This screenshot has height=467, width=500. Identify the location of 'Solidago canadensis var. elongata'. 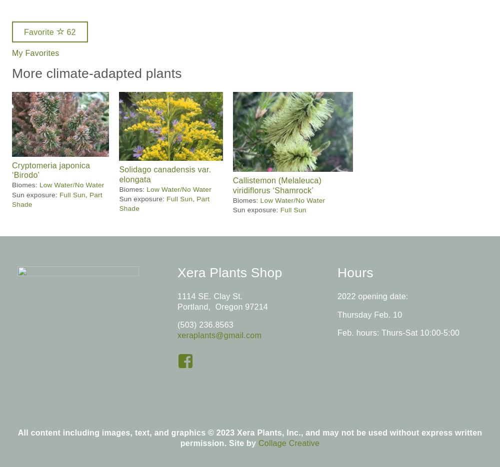
(164, 174).